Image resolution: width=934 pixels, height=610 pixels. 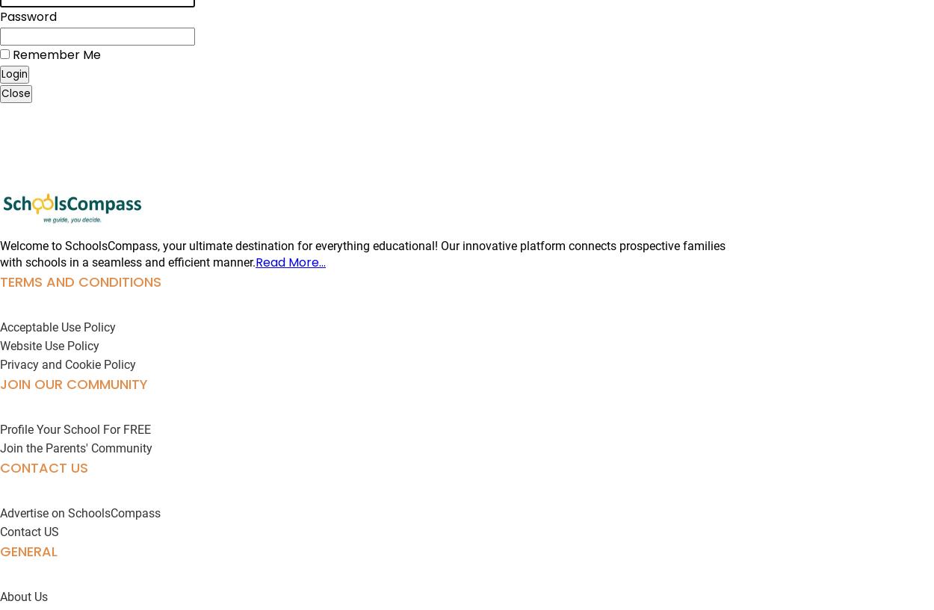 What do you see at coordinates (28, 16) in the screenshot?
I see `'Password'` at bounding box center [28, 16].